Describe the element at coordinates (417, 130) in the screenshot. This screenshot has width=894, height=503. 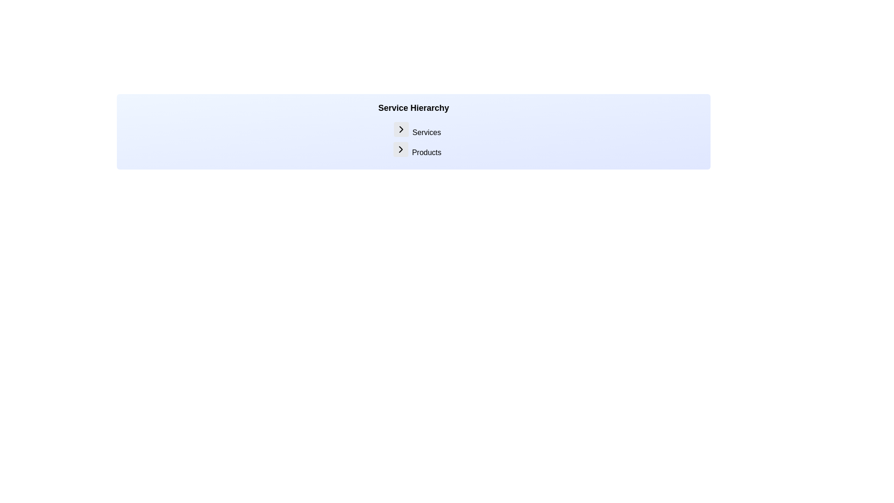
I see `the 'Services' text label, which is the first item in the vertical list under 'Service Hierarchy', positioned directly above the 'Products' label and aligned with a chevron icon` at that location.